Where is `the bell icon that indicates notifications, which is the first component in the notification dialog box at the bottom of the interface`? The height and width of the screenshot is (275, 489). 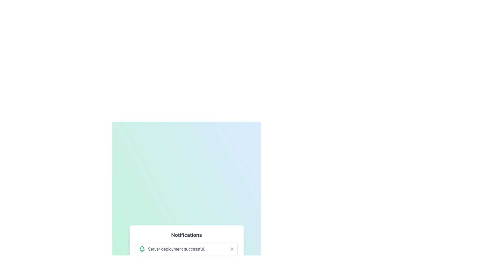
the bell icon that indicates notifications, which is the first component in the notification dialog box at the bottom of the interface is located at coordinates (142, 249).